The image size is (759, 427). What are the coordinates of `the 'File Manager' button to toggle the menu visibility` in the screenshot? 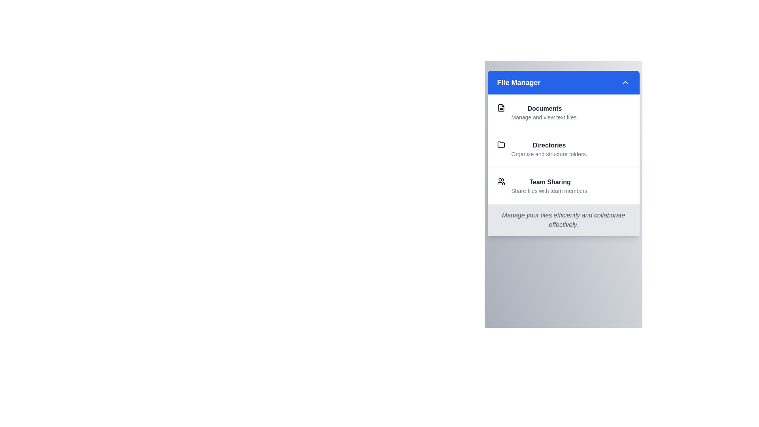 It's located at (563, 82).